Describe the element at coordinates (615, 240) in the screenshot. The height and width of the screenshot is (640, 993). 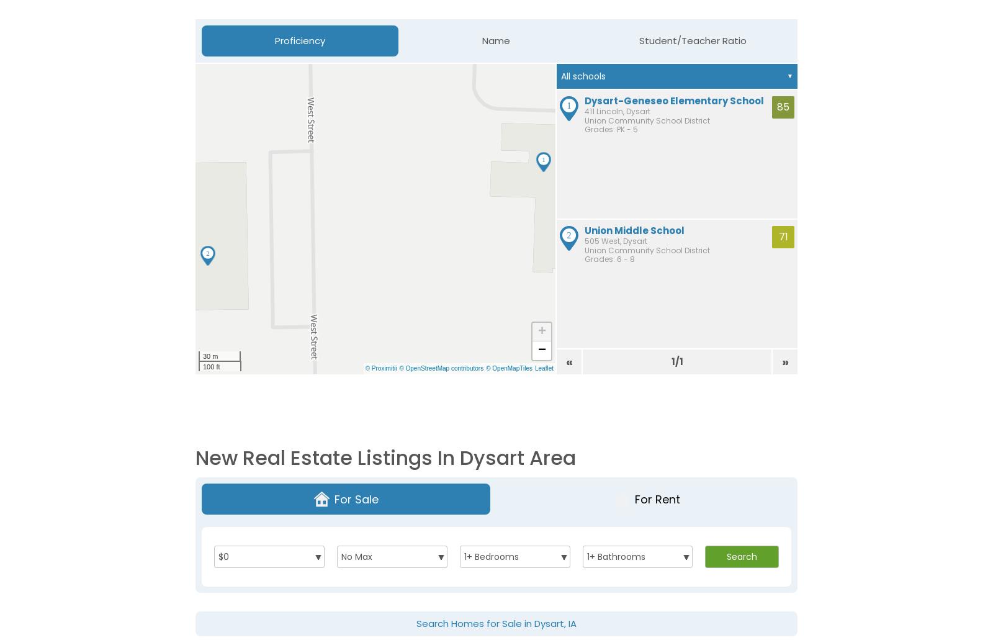
I see `'505 West, Dysart'` at that location.